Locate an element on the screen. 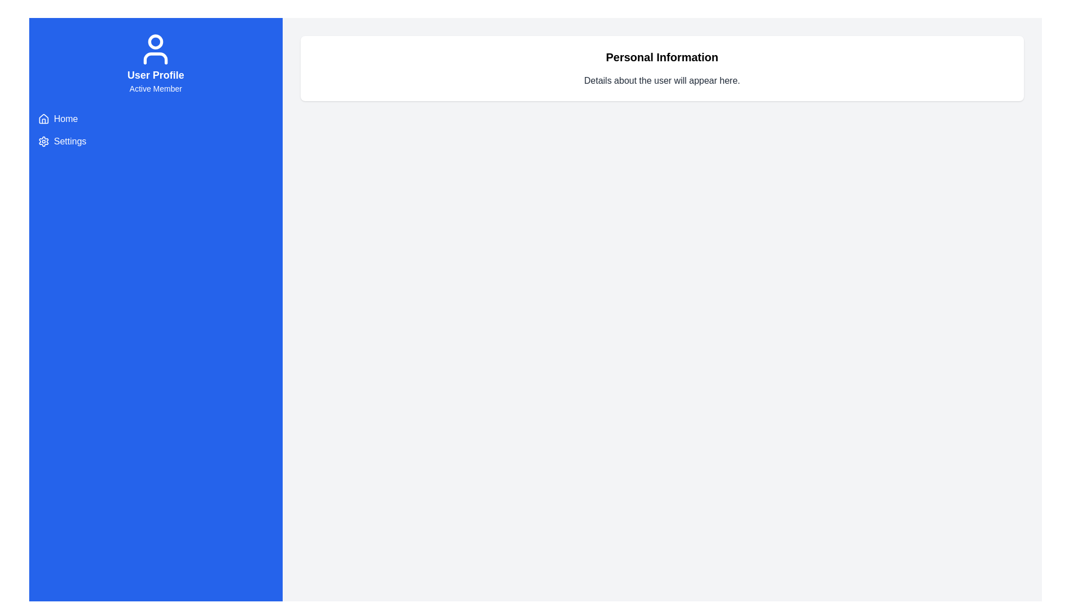 The image size is (1079, 607). the user profile icon located in the header section above the 'User Profile' and 'Active Member' text in the sidebar is located at coordinates (155, 49).